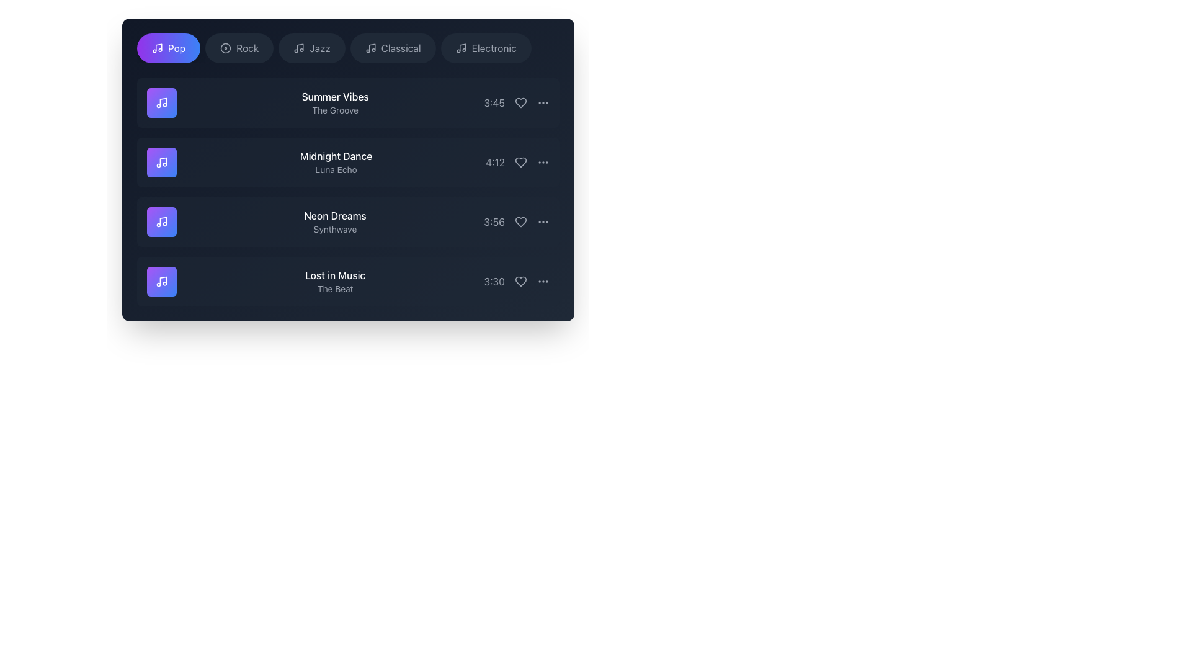 The width and height of the screenshot is (1191, 670). Describe the element at coordinates (521, 282) in the screenshot. I see `the heart icon button located as the second icon from the right in the 'Lost in Music' row to trigger the hover effects` at that location.